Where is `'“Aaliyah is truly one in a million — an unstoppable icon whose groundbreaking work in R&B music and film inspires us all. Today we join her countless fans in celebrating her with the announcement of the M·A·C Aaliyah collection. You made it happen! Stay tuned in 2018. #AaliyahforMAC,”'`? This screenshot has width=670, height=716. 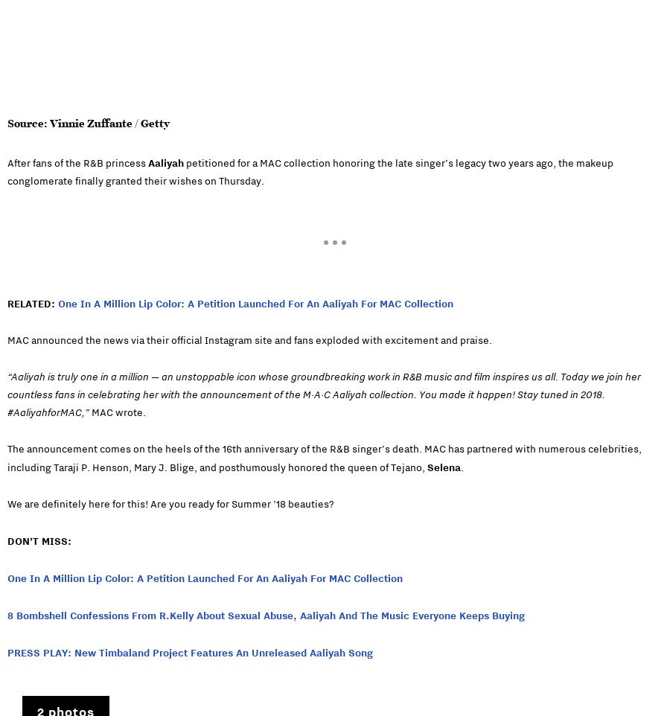
'“Aaliyah is truly one in a million — an unstoppable icon whose groundbreaking work in R&B music and film inspires us all. Today we join her countless fans in celebrating her with the announcement of the M·A·C Aaliyah collection. You made it happen! Stay tuned in 2018. #AaliyahforMAC,”' is located at coordinates (324, 394).